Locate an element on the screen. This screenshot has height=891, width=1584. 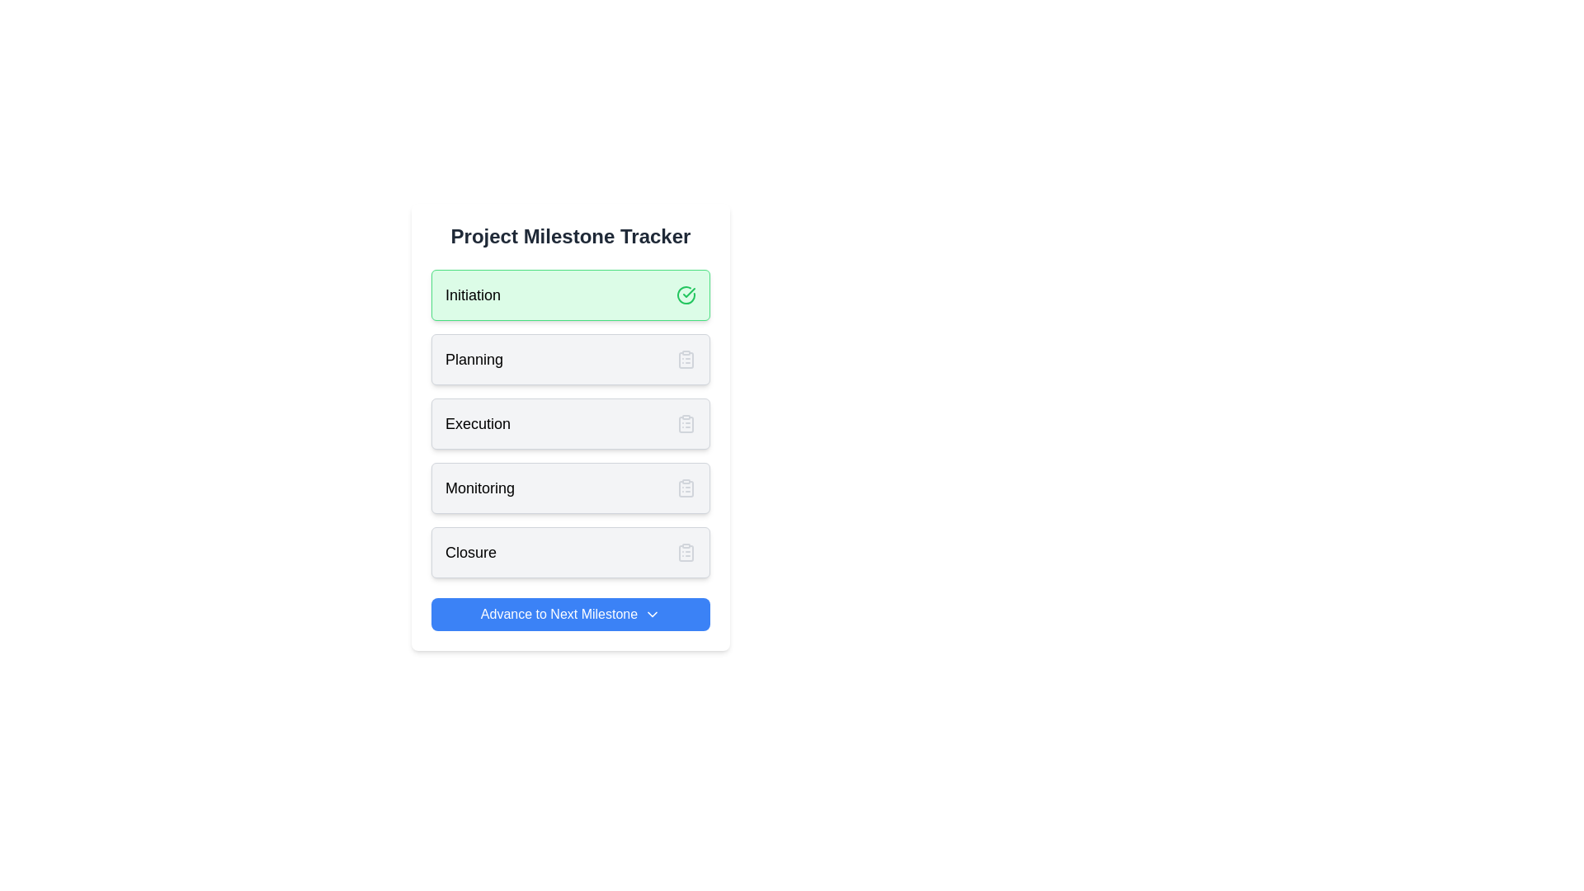
the 'Execution' phase item in the milestone tracker from its current position is located at coordinates (570, 422).